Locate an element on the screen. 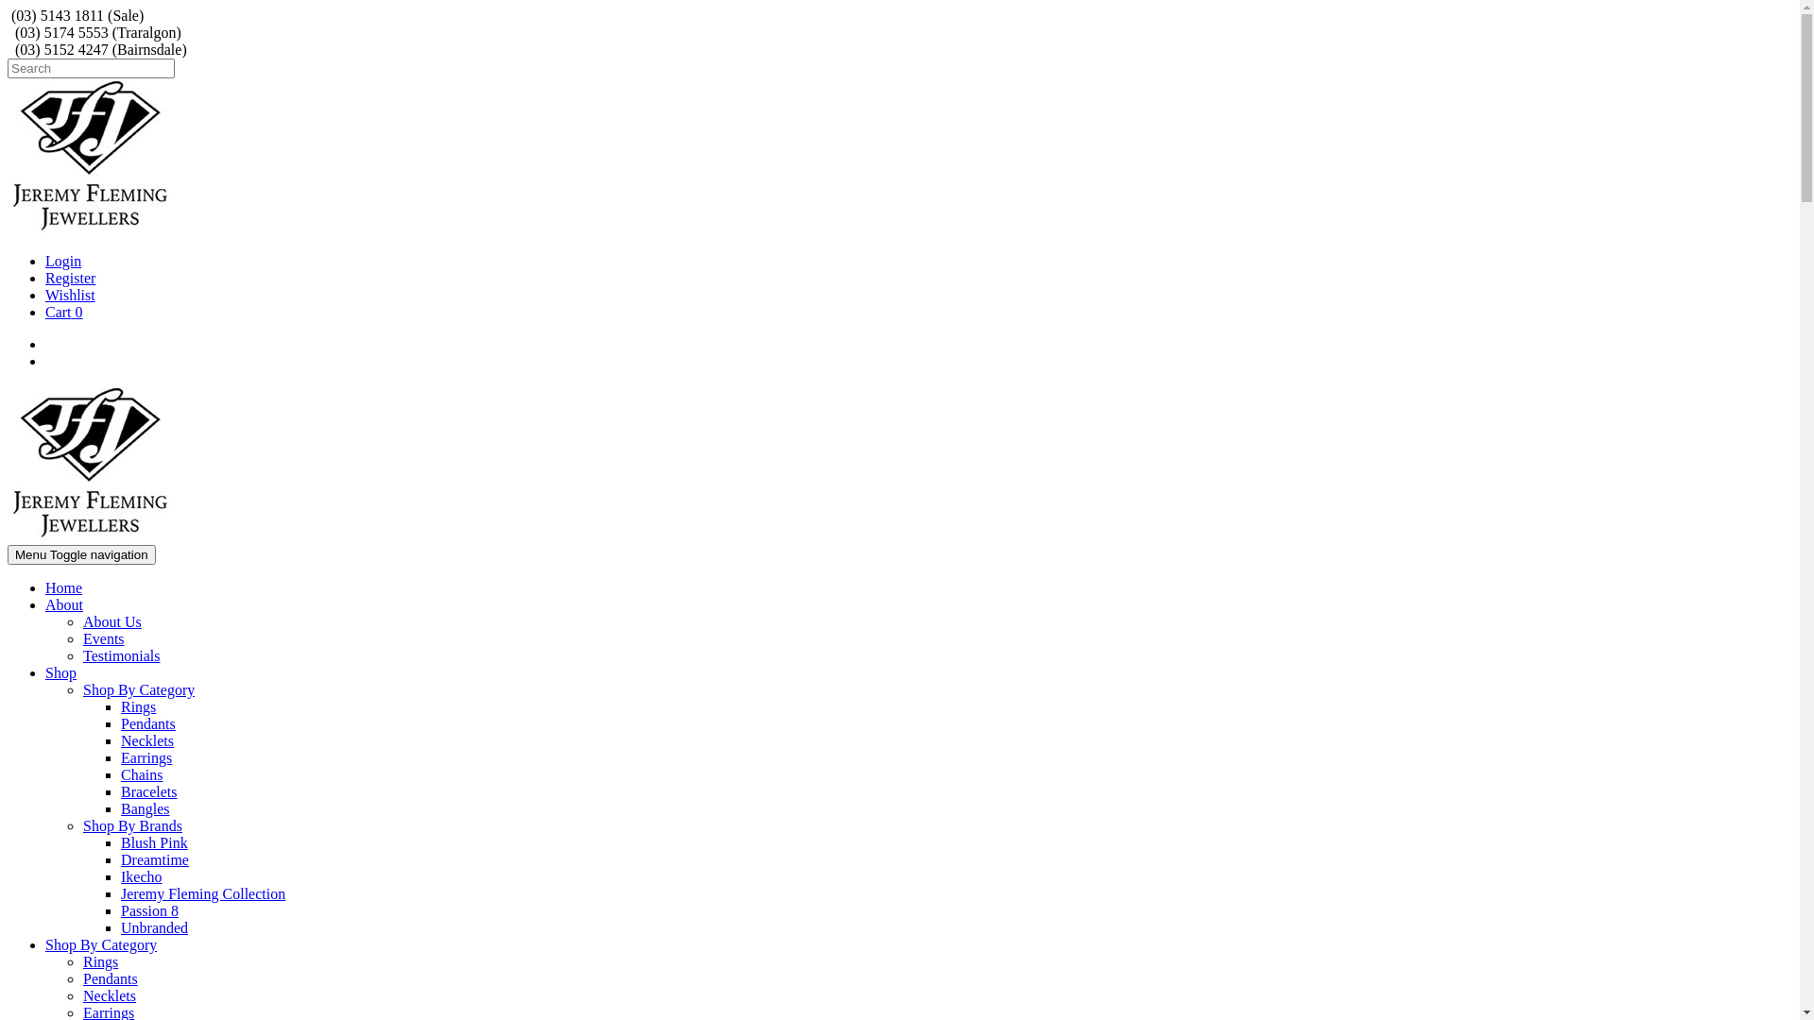  'Blush Pink' is located at coordinates (154, 841).